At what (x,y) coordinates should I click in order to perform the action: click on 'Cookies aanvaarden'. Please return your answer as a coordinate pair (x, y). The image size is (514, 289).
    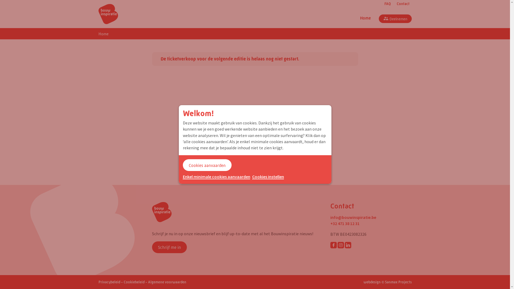
    Looking at the image, I should click on (206, 165).